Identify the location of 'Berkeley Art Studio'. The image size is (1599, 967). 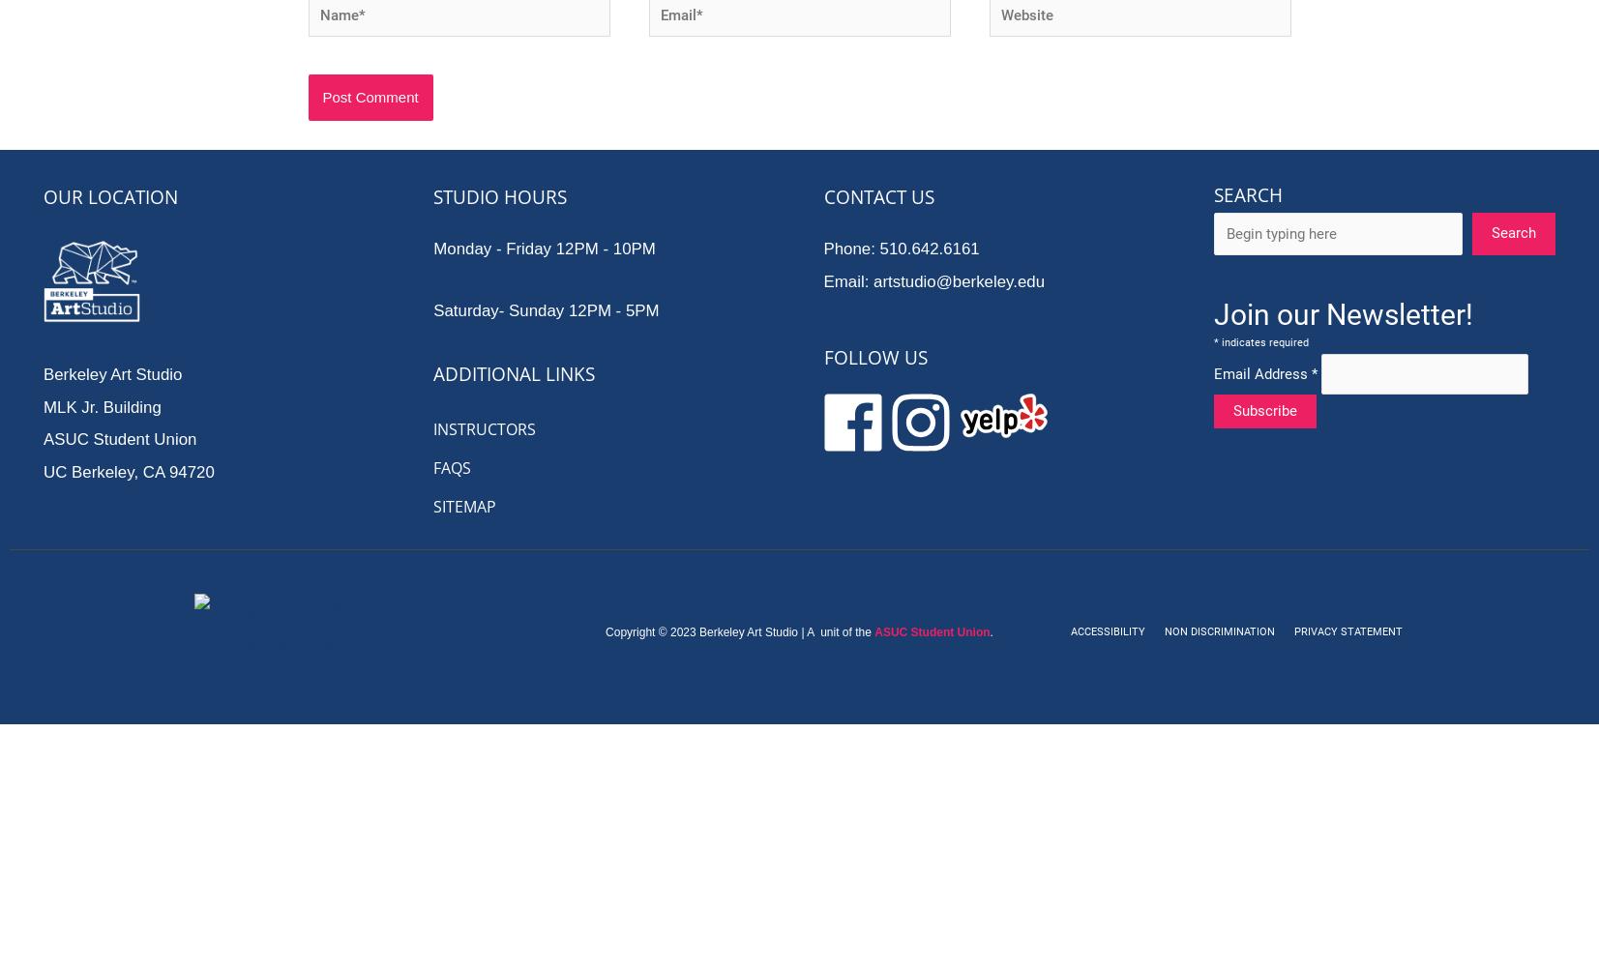
(42, 373).